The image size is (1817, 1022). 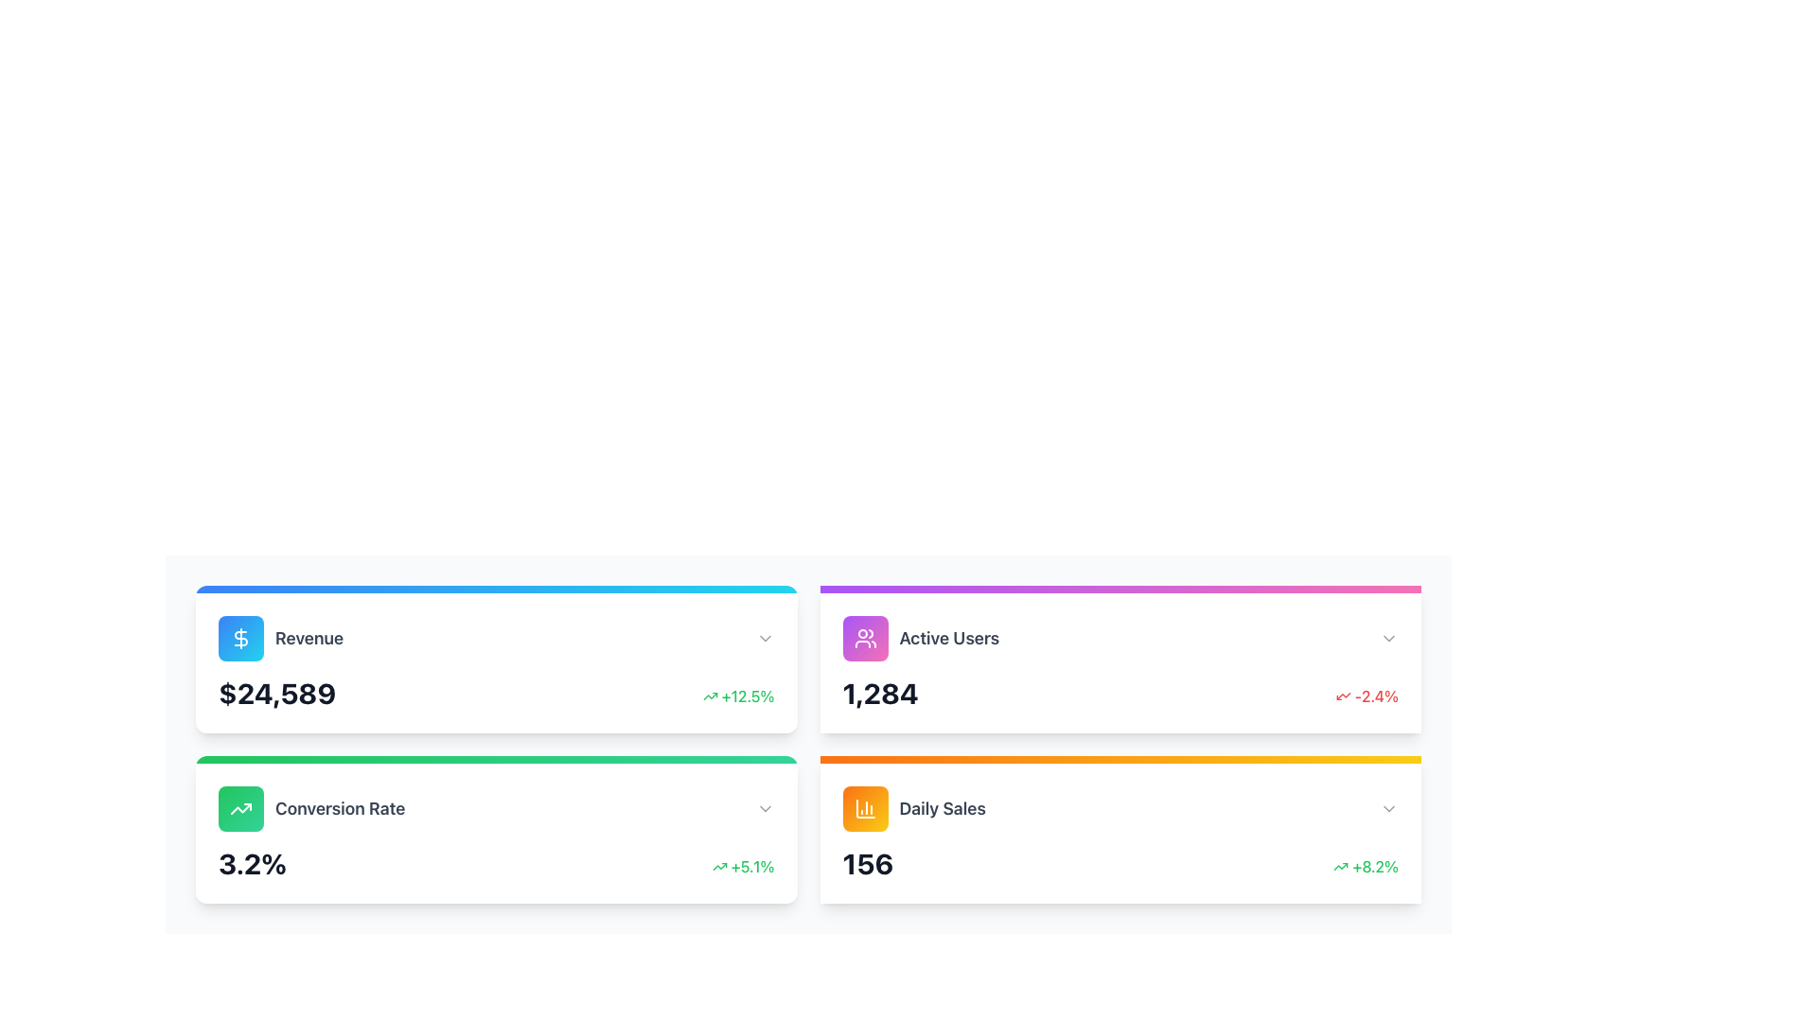 I want to click on displayed information from the Dashboard Card labeled 'Daily Sales', which is the fourth card in a 2x2 grid located in the bottom-right quadrant, so click(x=1120, y=832).